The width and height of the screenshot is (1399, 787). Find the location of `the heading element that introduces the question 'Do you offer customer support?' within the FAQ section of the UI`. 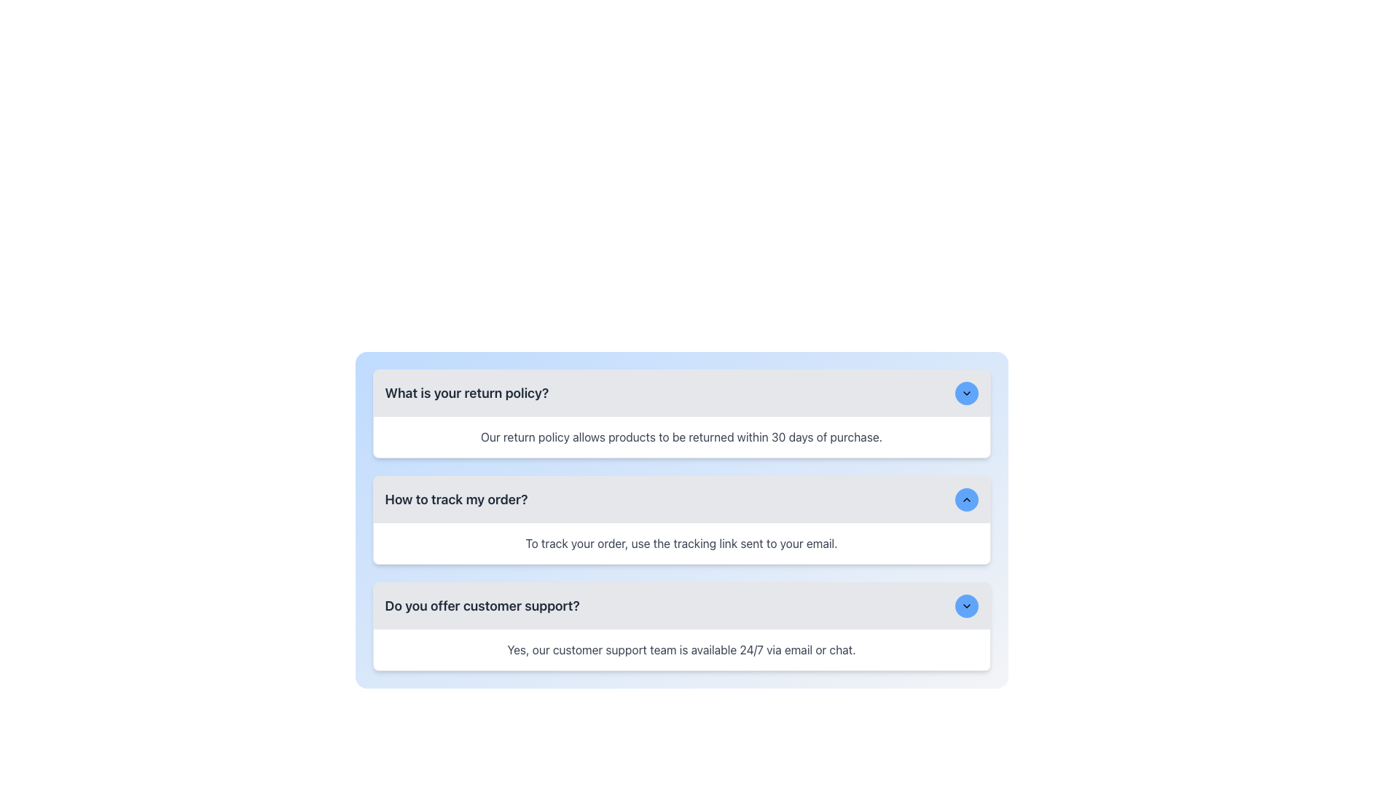

the heading element that introduces the question 'Do you offer customer support?' within the FAQ section of the UI is located at coordinates (482, 606).